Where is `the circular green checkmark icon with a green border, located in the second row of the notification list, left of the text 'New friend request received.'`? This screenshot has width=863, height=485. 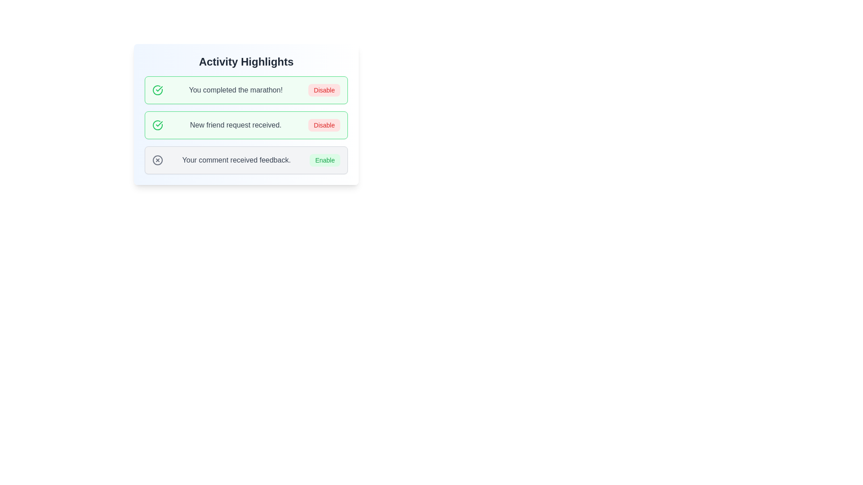 the circular green checkmark icon with a green border, located in the second row of the notification list, left of the text 'New friend request received.' is located at coordinates (157, 125).